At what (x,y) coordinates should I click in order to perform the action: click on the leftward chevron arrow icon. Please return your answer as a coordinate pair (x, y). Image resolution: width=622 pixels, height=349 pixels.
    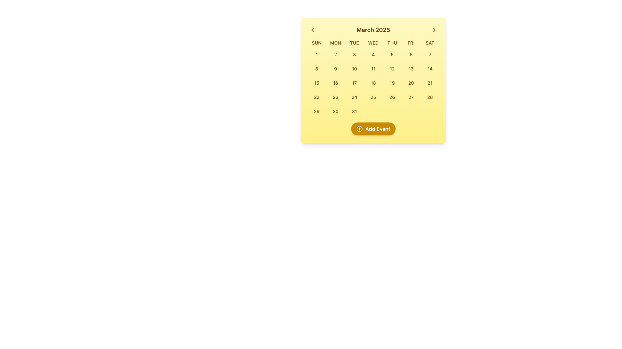
    Looking at the image, I should click on (312, 30).